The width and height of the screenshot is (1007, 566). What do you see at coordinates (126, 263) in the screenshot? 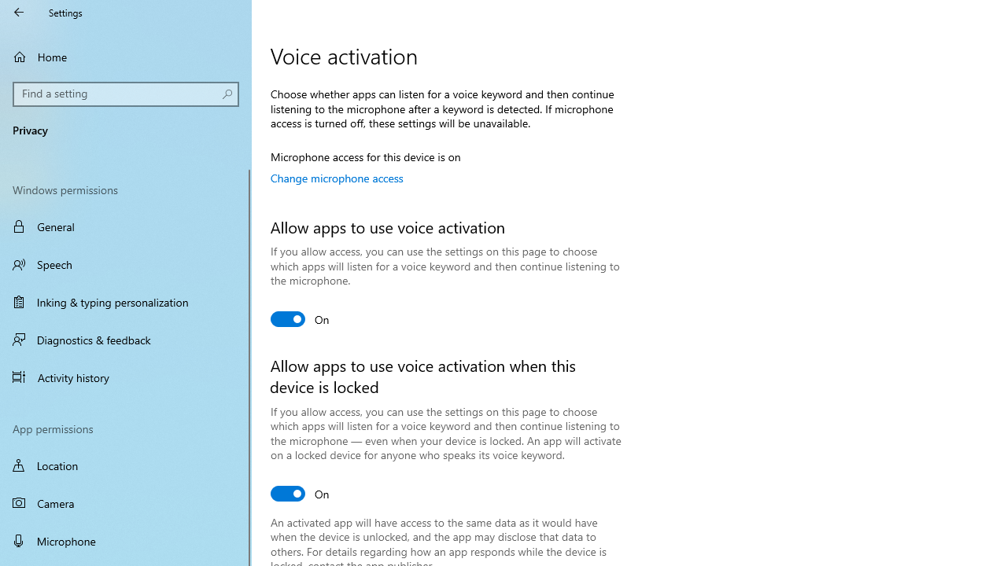
I see `'Speech'` at bounding box center [126, 263].